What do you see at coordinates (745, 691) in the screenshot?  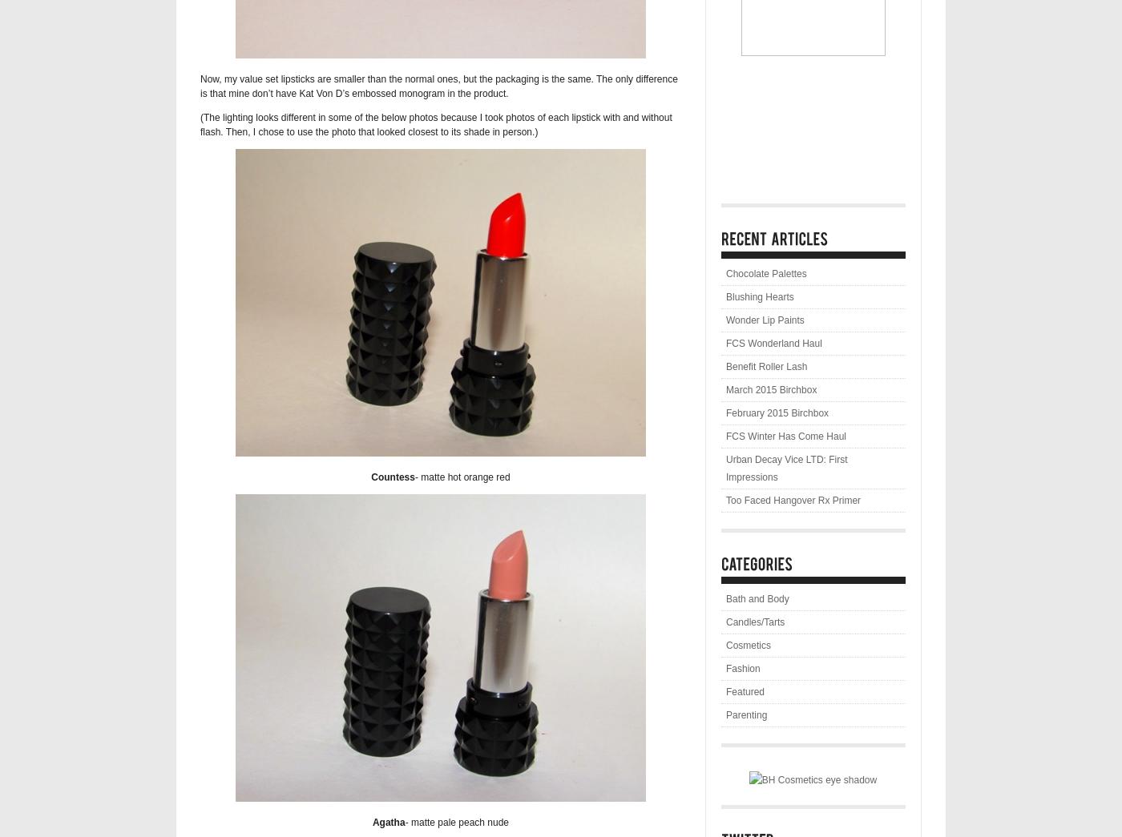 I see `'Featured'` at bounding box center [745, 691].